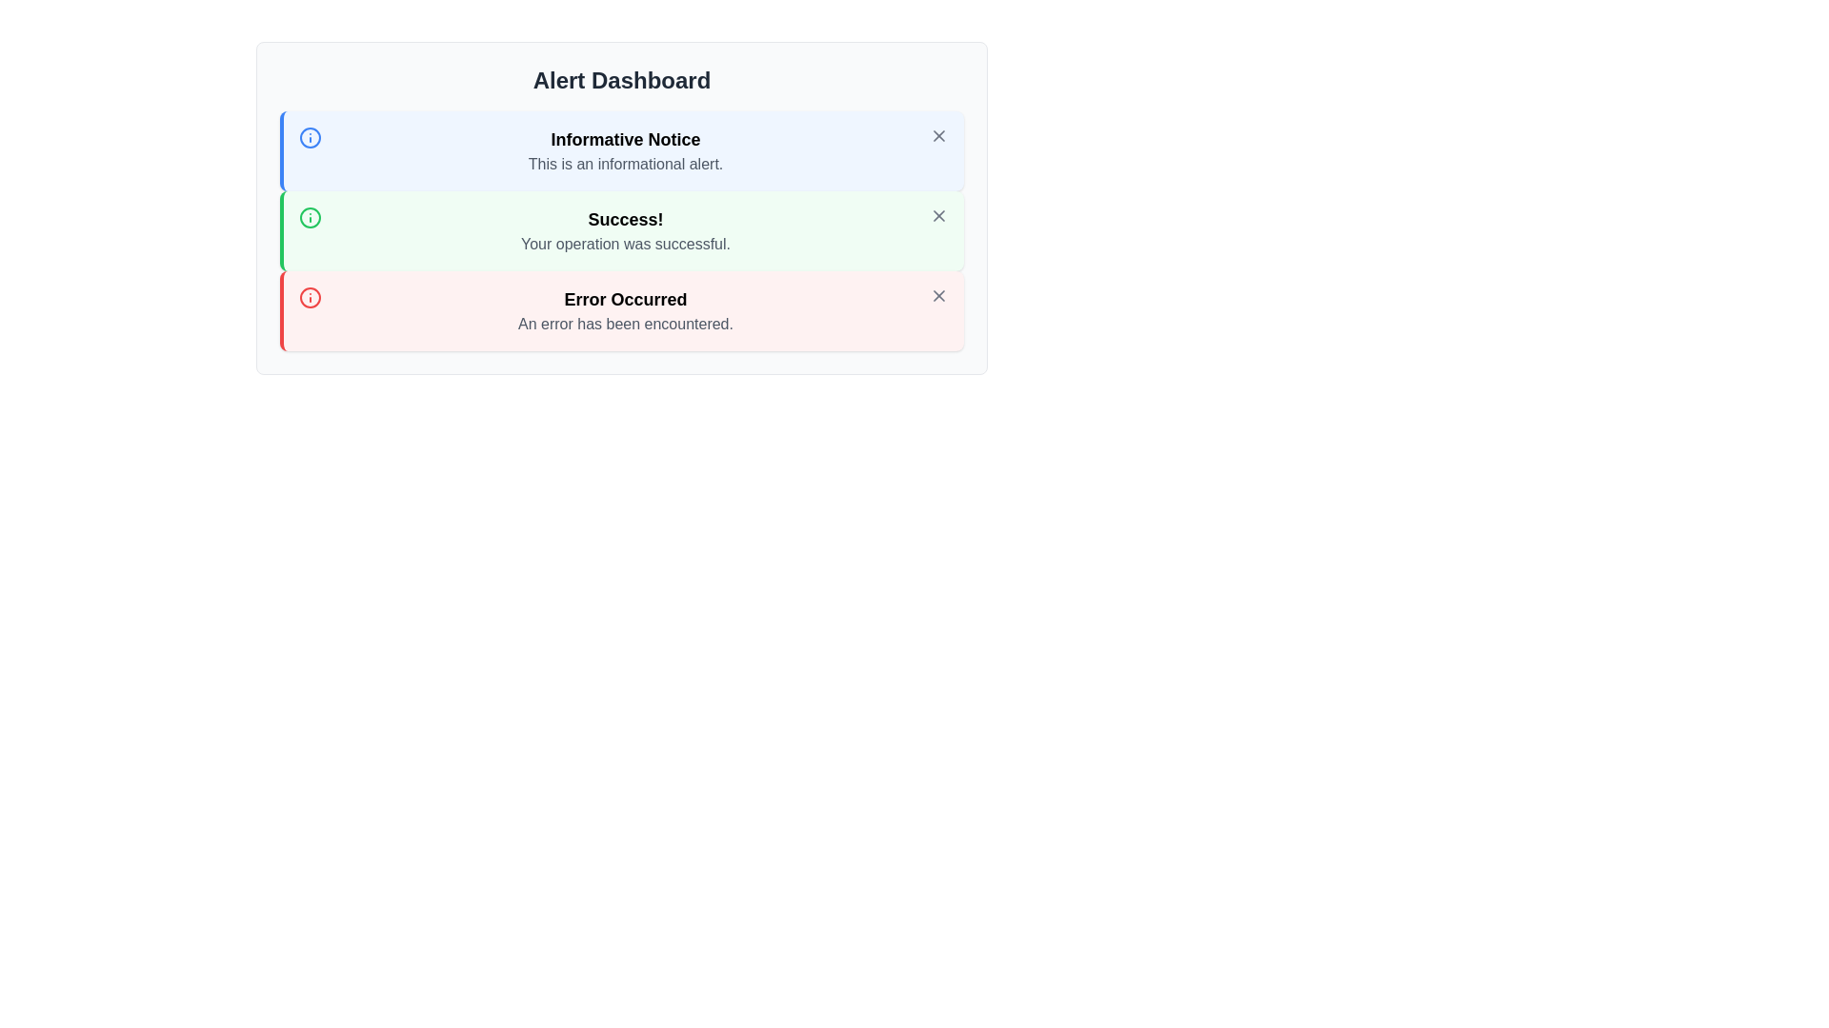  Describe the element at coordinates (626, 323) in the screenshot. I see `the Text label that provides a descriptive detail about the error condition indicated by the title 'Error Occurred', located directly below the title and centered in the middle-right area of the interface` at that location.